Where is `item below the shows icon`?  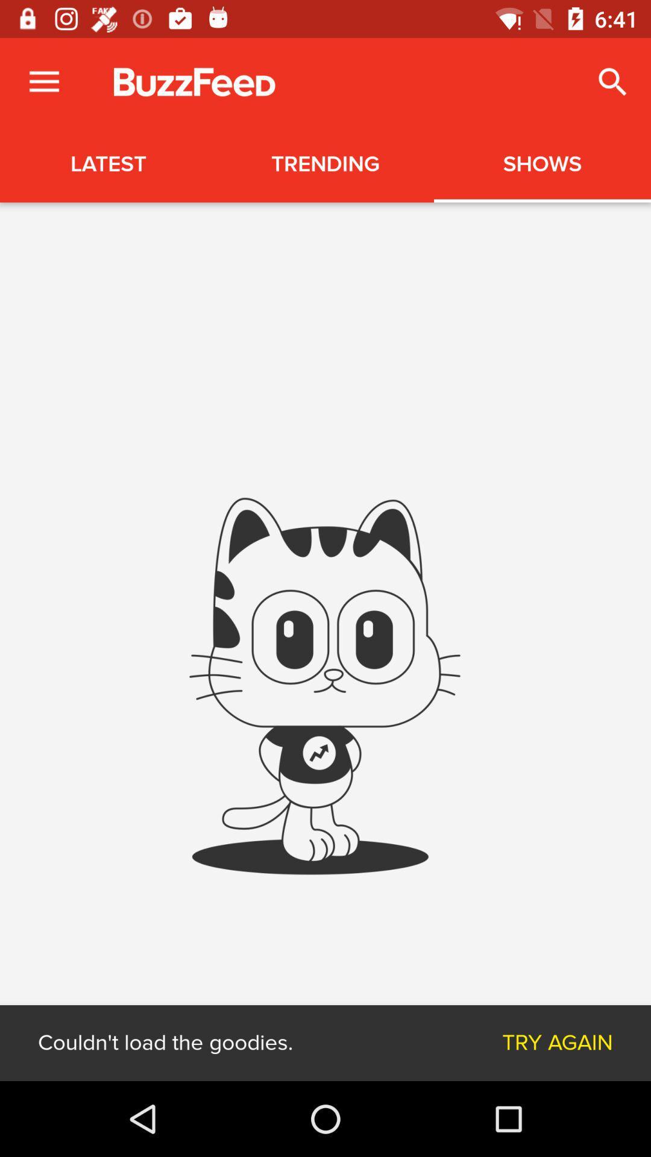 item below the shows icon is located at coordinates (558, 1043).